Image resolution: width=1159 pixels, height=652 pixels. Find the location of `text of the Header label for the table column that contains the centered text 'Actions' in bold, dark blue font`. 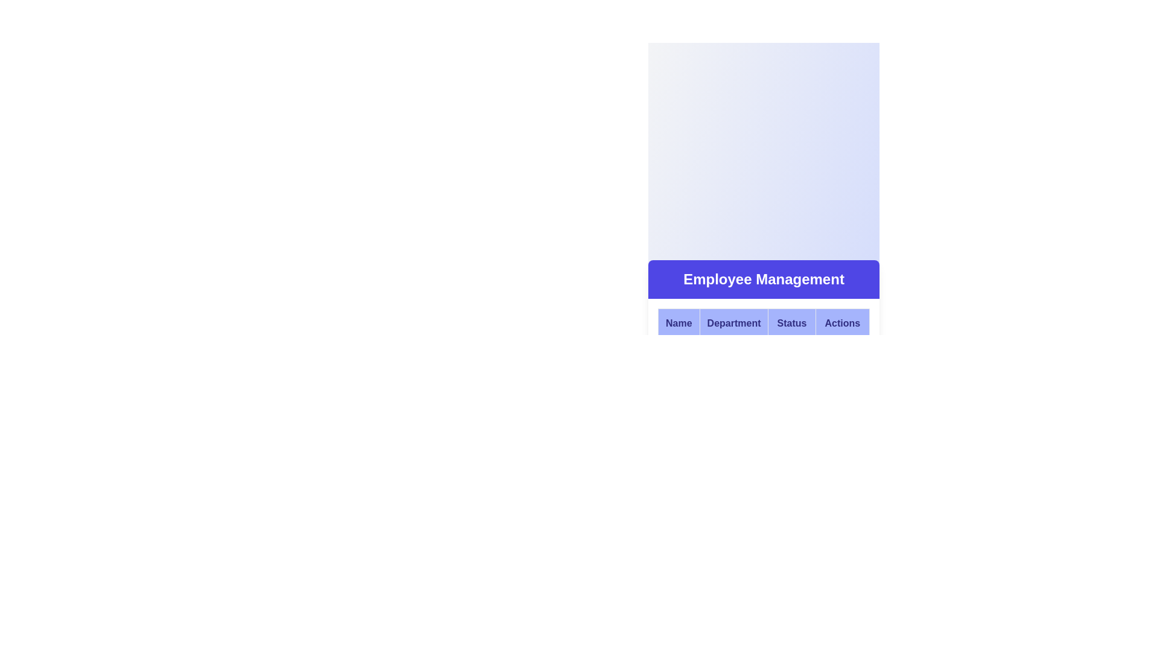

text of the Header label for the table column that contains the centered text 'Actions' in bold, dark blue font is located at coordinates (841, 322).